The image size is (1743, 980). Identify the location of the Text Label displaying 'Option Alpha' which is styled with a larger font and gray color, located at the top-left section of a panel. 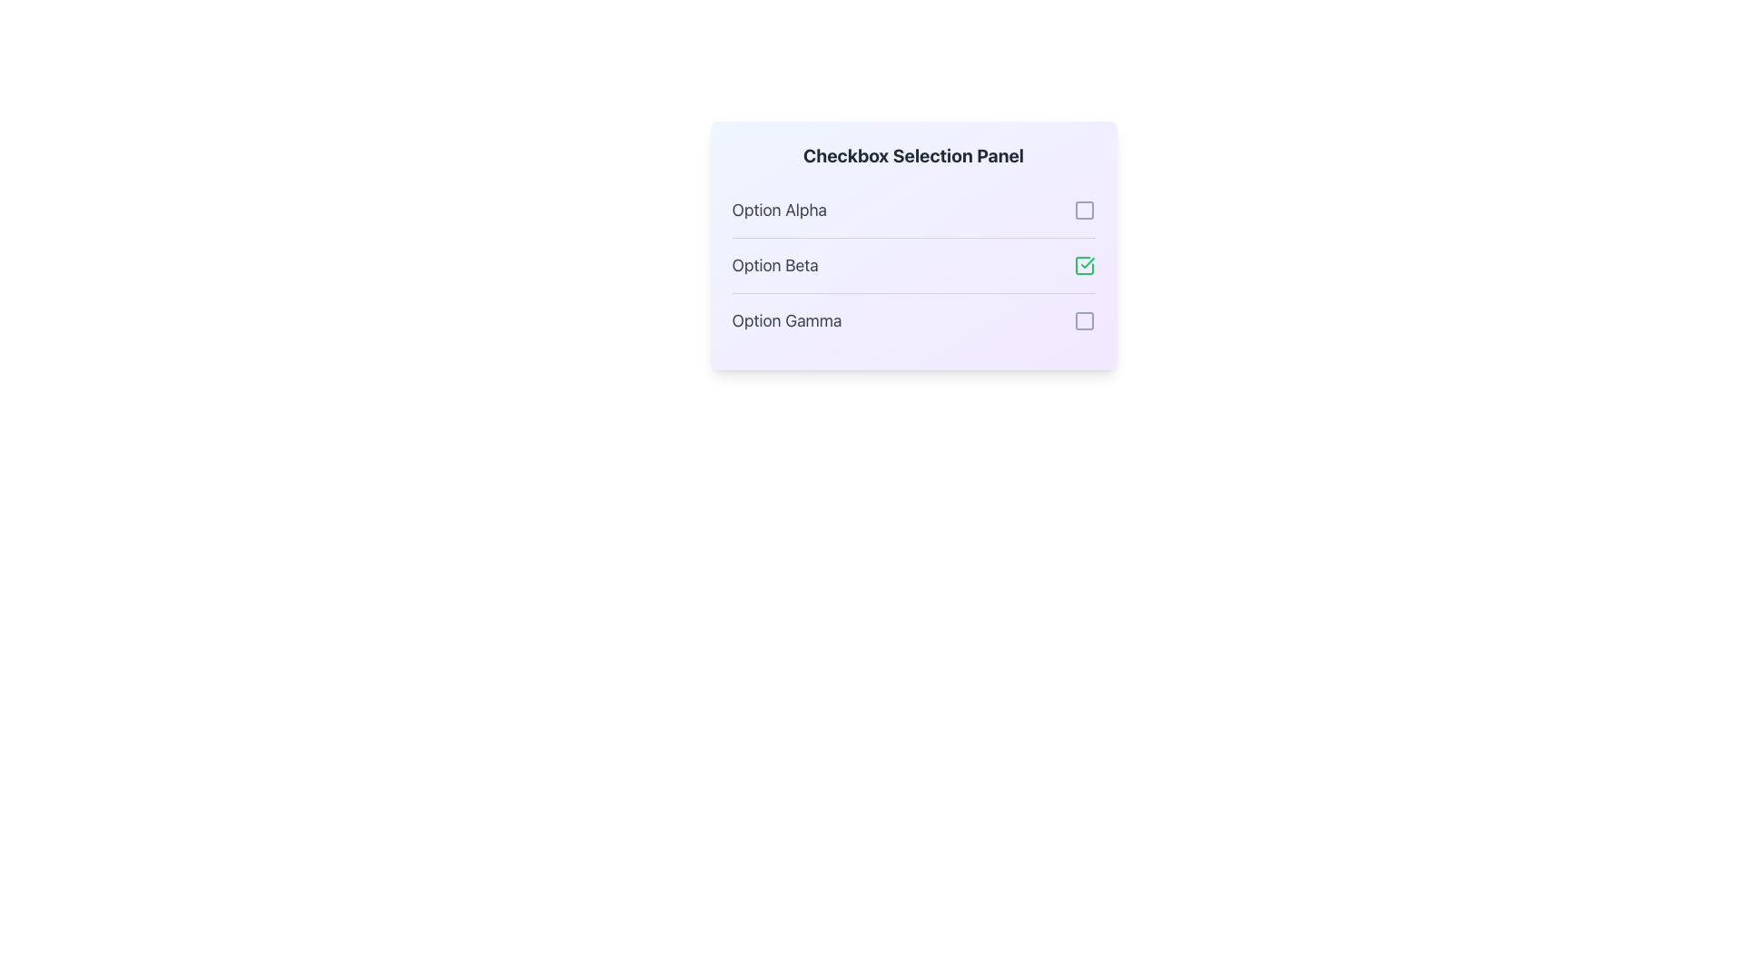
(779, 209).